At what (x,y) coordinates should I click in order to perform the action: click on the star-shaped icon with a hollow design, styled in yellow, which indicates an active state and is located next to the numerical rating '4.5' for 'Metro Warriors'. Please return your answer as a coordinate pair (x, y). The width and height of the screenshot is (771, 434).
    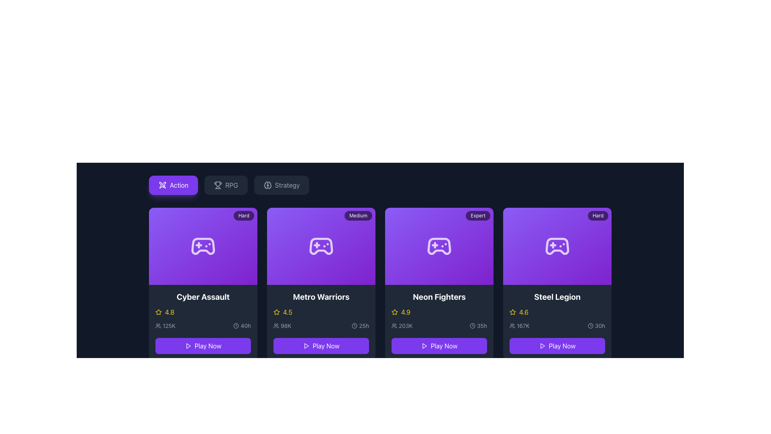
    Looking at the image, I should click on (277, 311).